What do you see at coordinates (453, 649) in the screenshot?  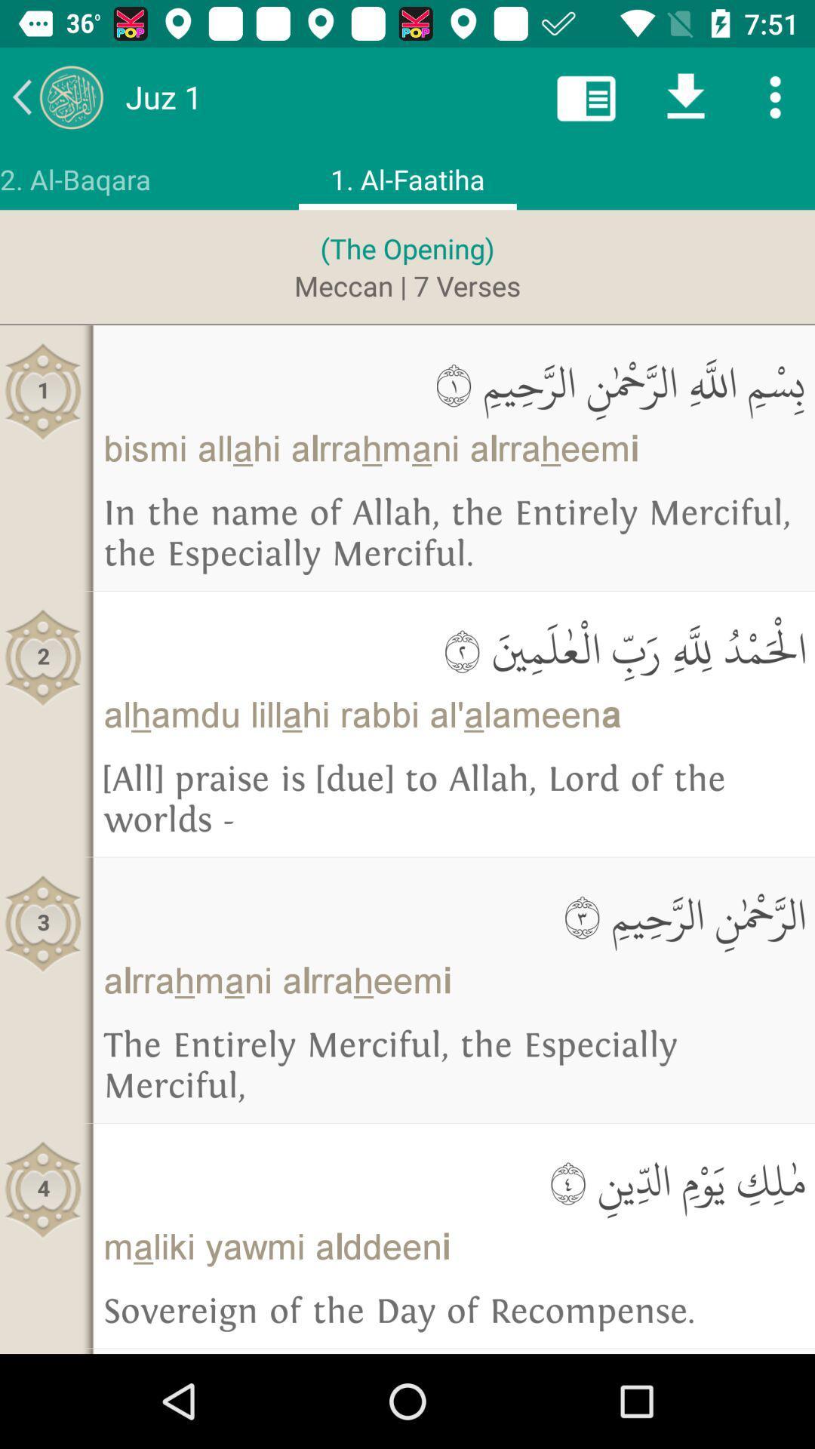 I see `the icon above the alhamdu lillahi rabbi` at bounding box center [453, 649].